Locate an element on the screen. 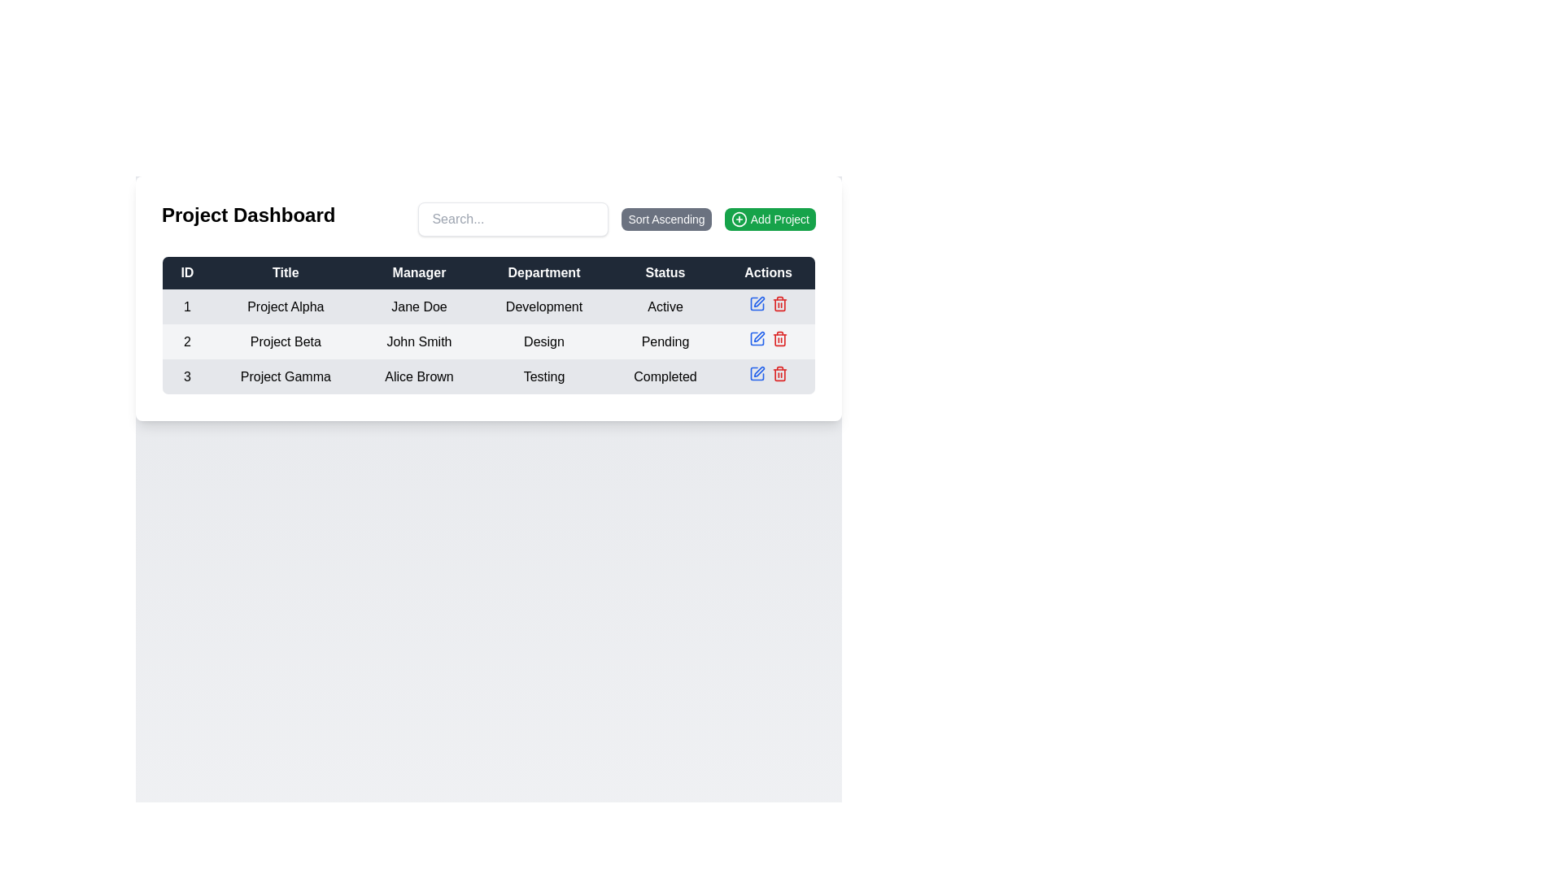  the first row of the table containing '1', 'Project Alpha', 'Jane Doe', 'Development', 'Active', and action buttons for editing and deleting, to interact with respective data is located at coordinates (487, 306).